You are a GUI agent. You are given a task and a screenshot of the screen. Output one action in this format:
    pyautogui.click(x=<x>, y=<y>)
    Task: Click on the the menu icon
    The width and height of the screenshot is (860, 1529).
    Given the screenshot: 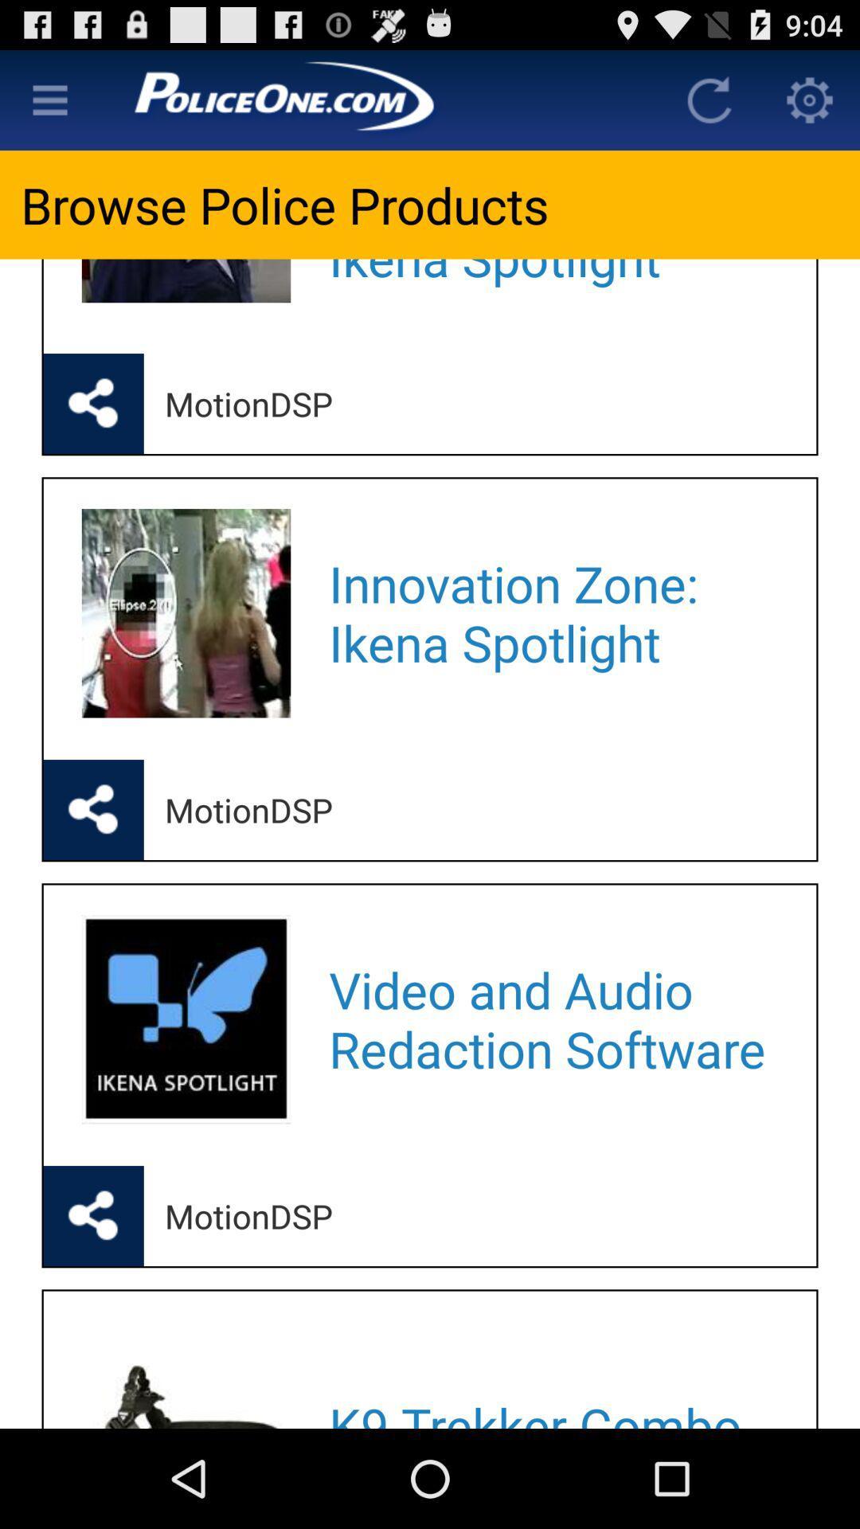 What is the action you would take?
    pyautogui.click(x=49, y=106)
    